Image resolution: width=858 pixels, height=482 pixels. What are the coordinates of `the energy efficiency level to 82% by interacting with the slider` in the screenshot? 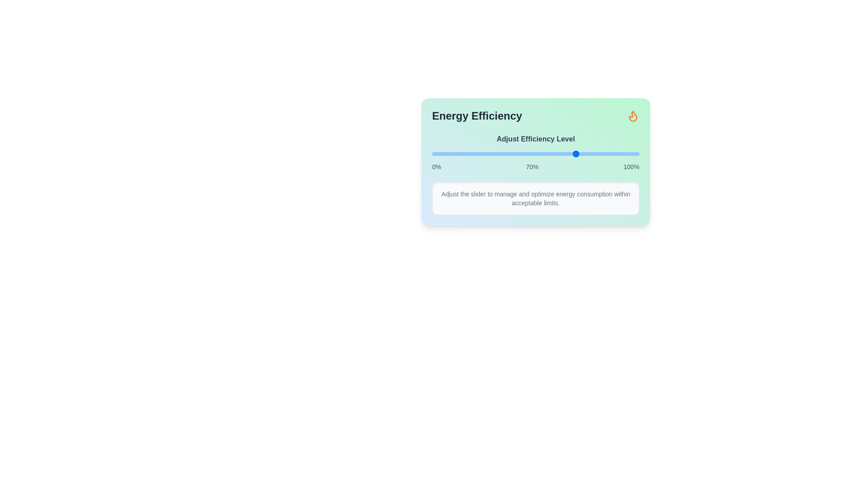 It's located at (602, 153).